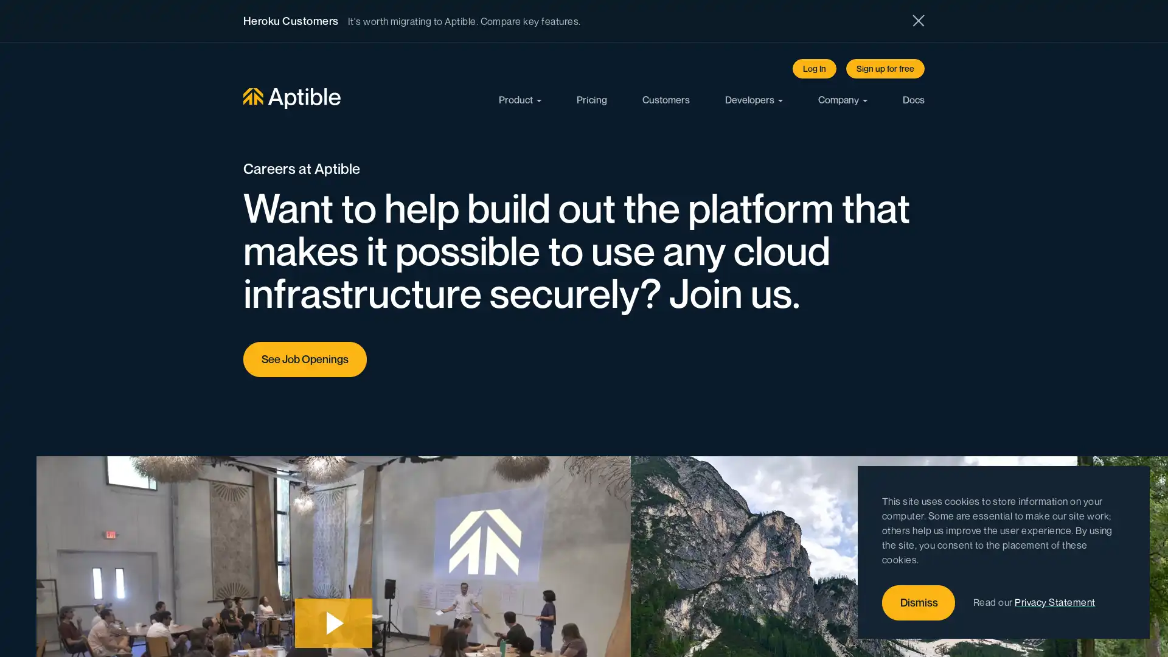 The width and height of the screenshot is (1168, 657). Describe the element at coordinates (919, 603) in the screenshot. I see `Dismiss` at that location.